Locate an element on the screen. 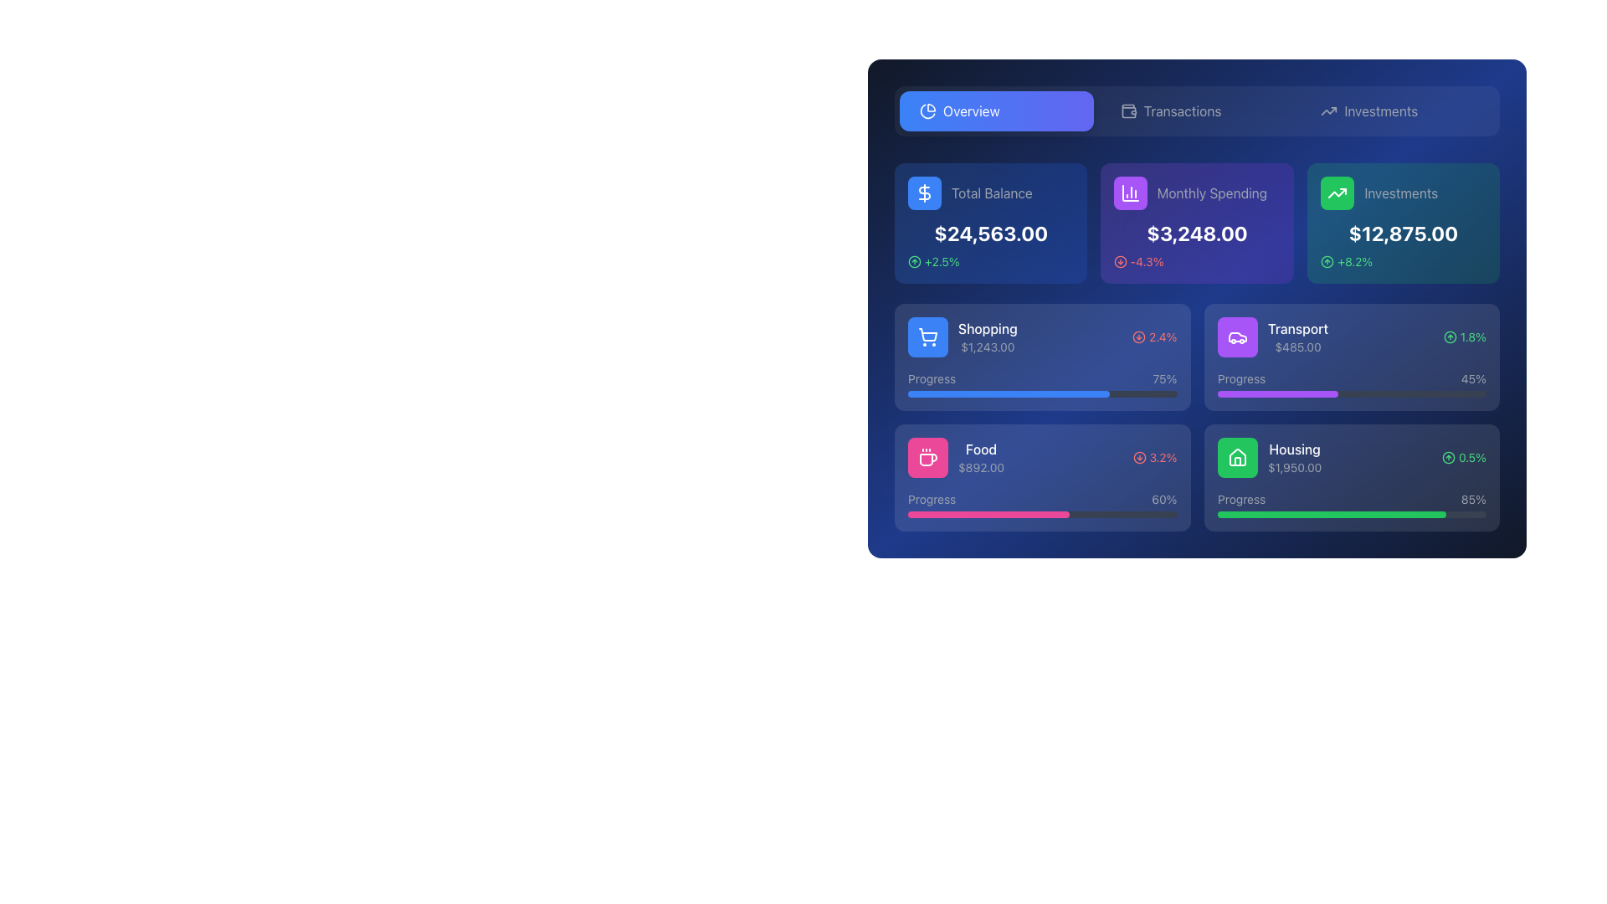 The image size is (1607, 904). the Text Display showing the prominent numeric value "$3,248.00" within the purple card labeled "Monthly Spending." is located at coordinates (1196, 233).